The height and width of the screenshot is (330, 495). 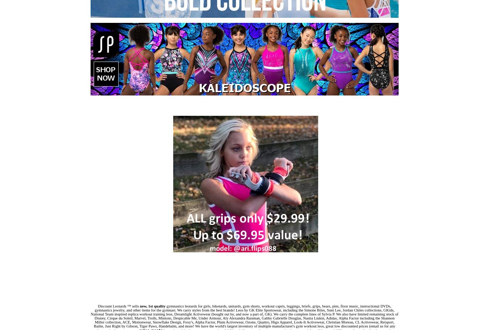 I want to click on ', Alpha Factor, Plum Activewear, Ozone, Quattro, Higo Apparel, Look-It Activewear, Christian Moreau, CL Activewear,', so click(x=287, y=322).